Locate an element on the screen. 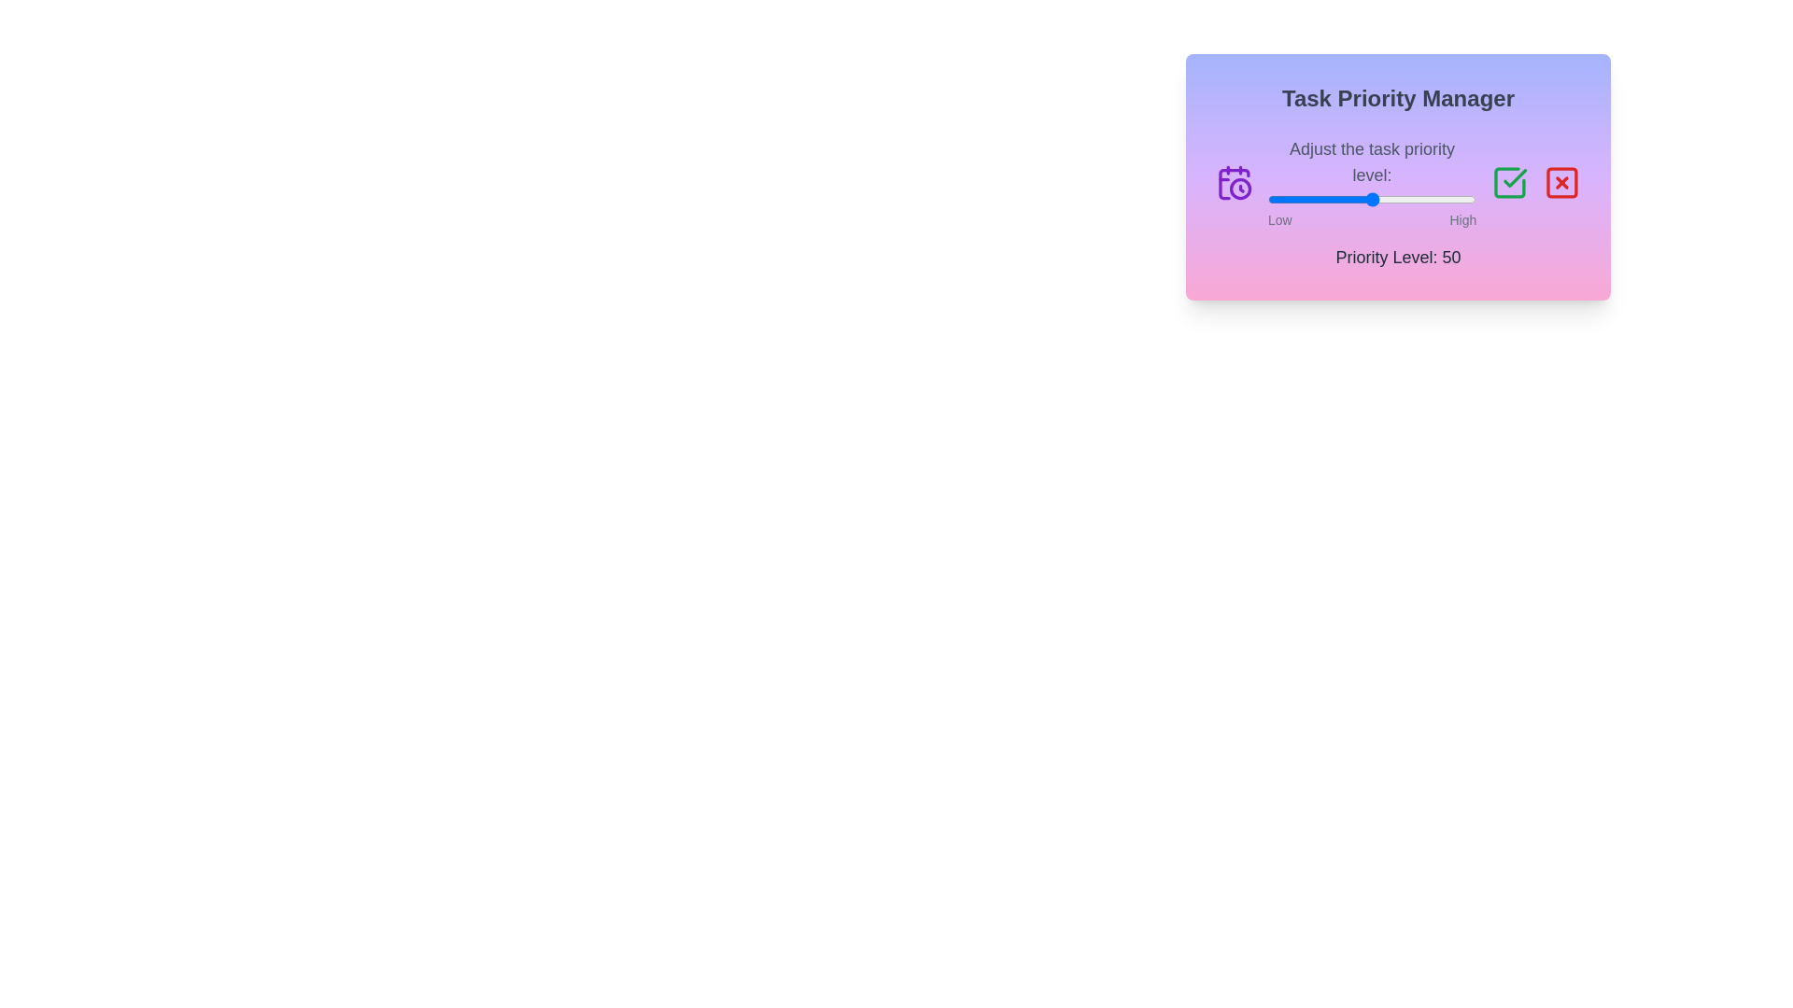 This screenshot has height=1008, width=1793. the 'Save' button represented by the green checkmark icon is located at coordinates (1510, 183).